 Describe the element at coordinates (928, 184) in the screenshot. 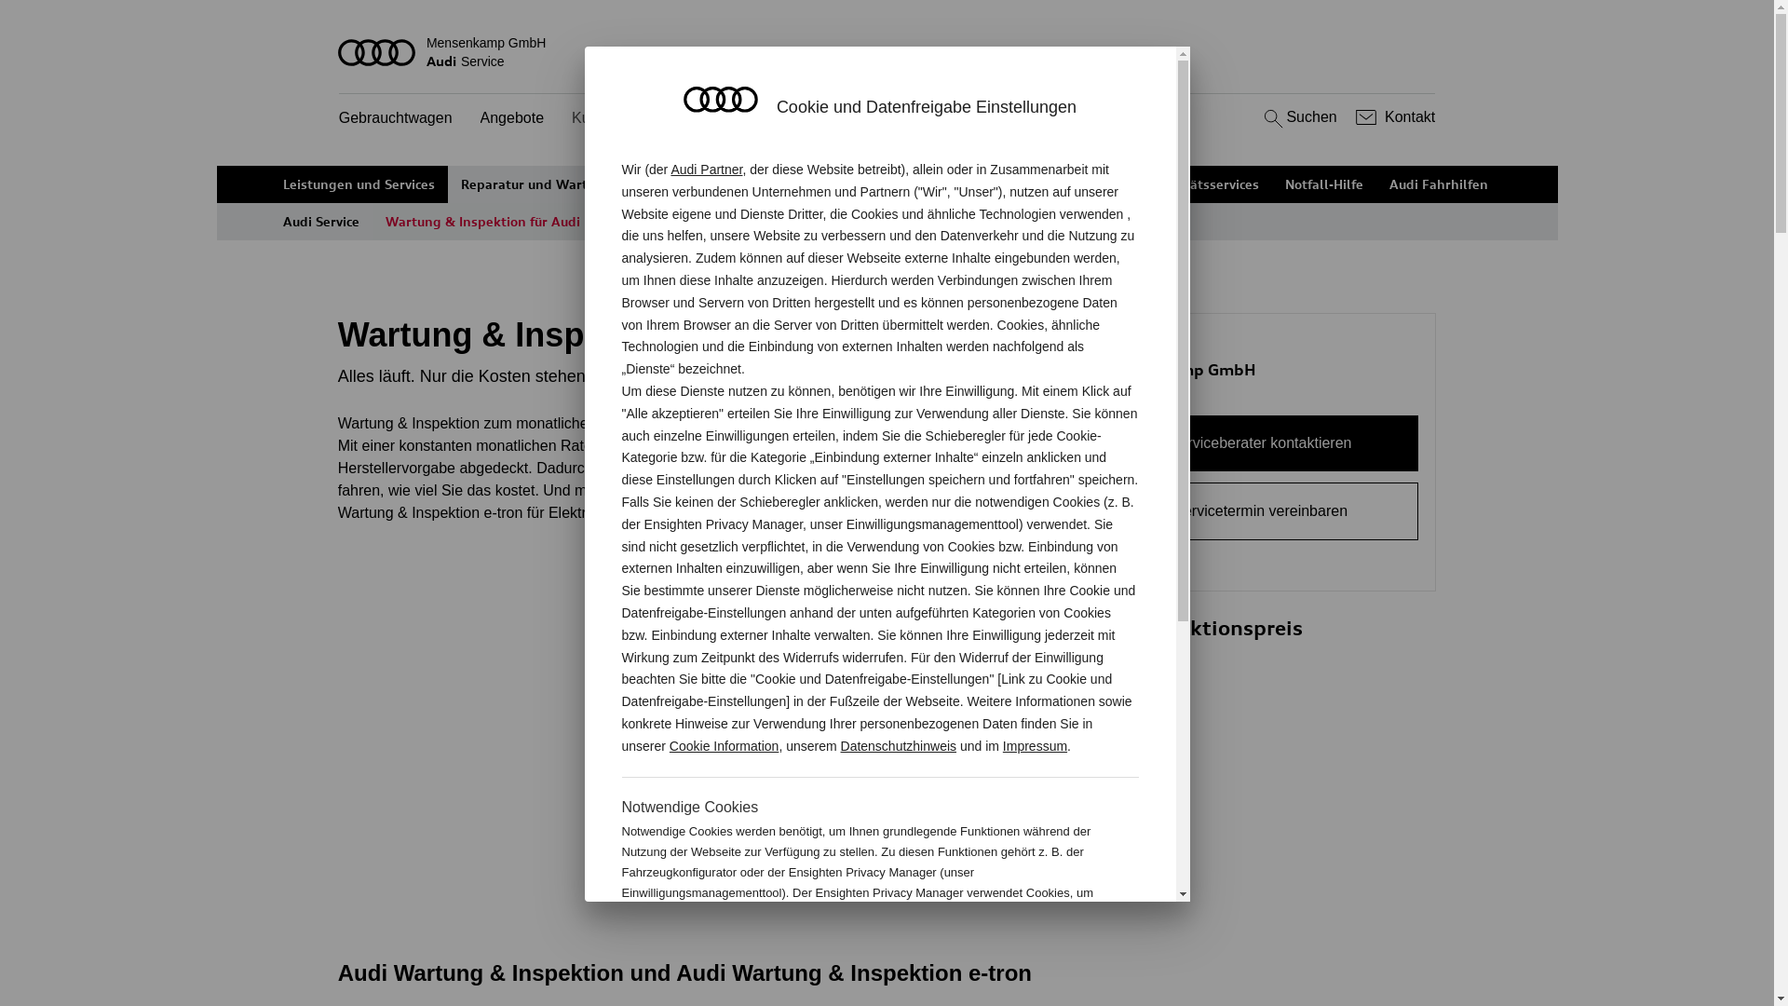

I see `'Versicherungen'` at that location.